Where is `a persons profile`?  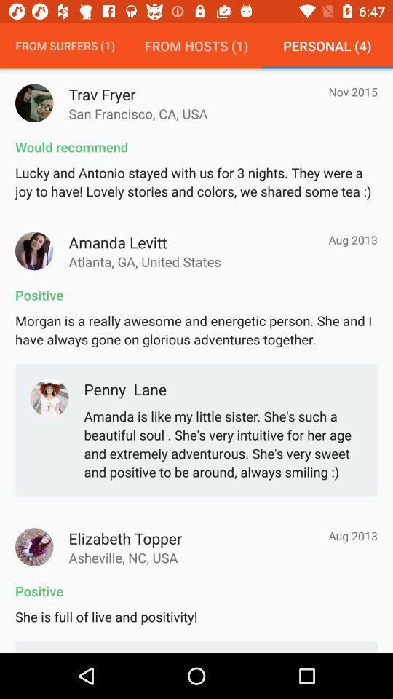
a persons profile is located at coordinates (34, 546).